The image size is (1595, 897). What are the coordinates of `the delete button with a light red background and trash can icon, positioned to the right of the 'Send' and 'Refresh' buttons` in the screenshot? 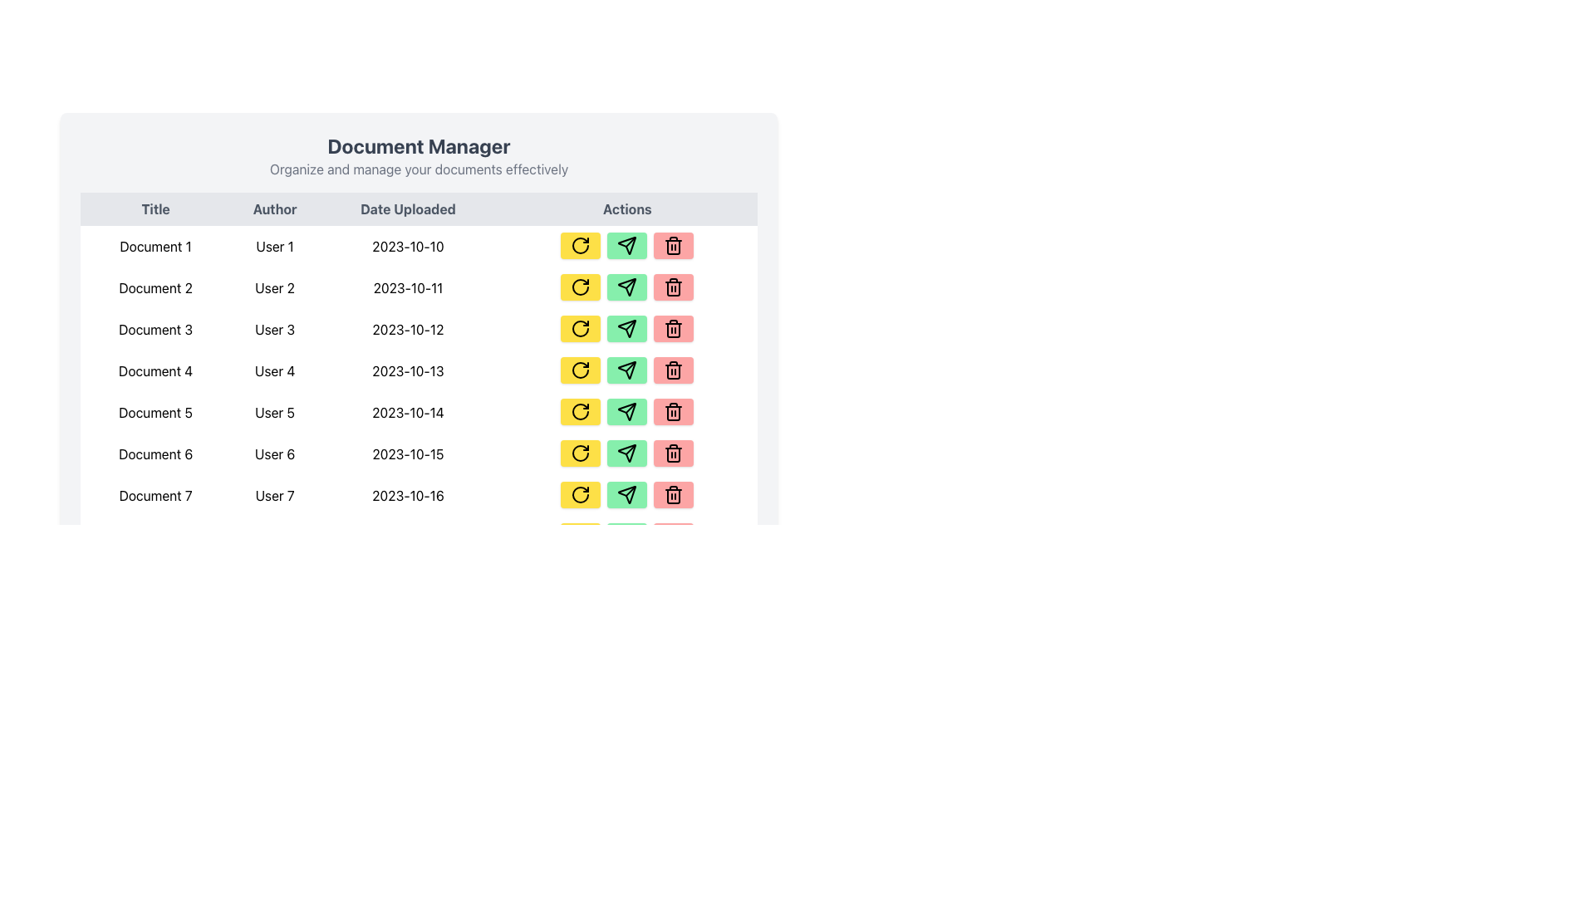 It's located at (674, 659).